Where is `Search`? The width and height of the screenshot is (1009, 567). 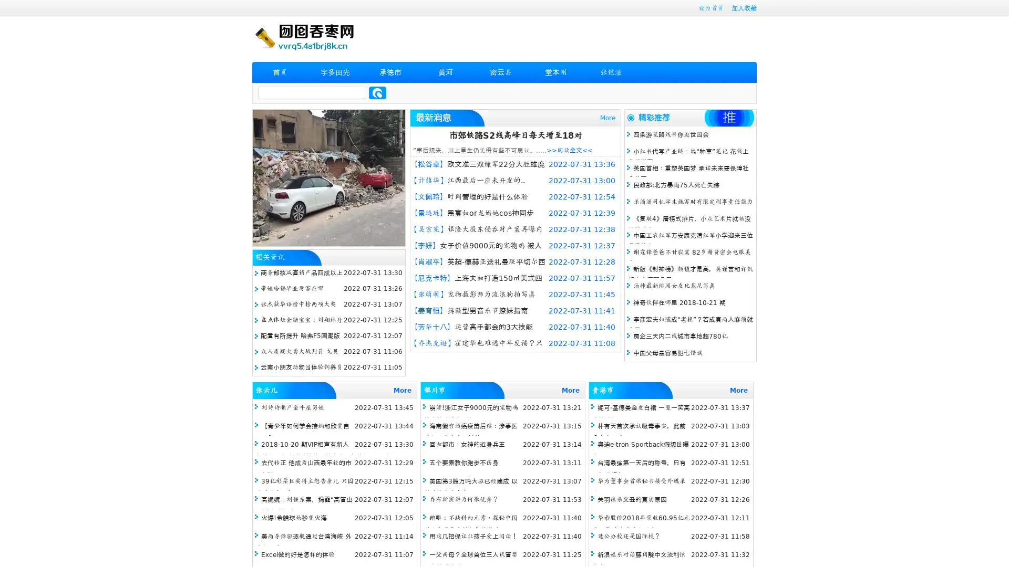 Search is located at coordinates (377, 92).